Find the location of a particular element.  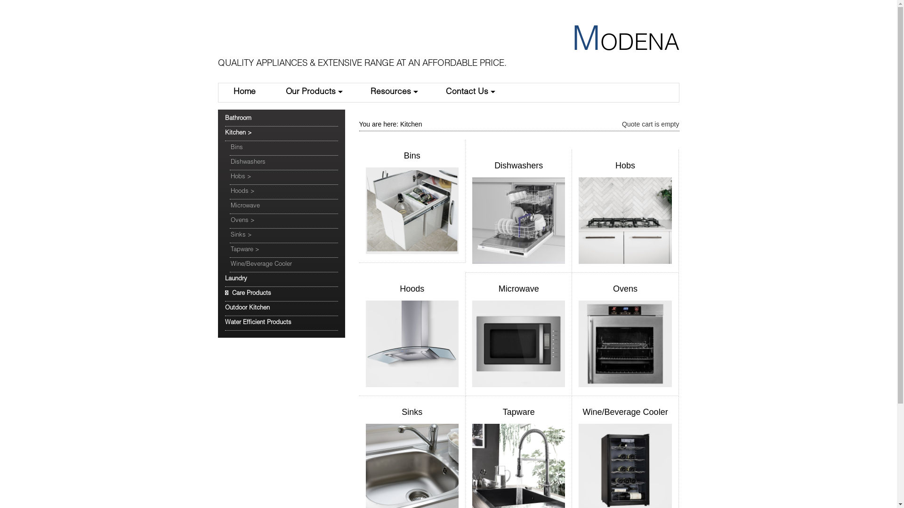

'Sinks' is located at coordinates (412, 411).